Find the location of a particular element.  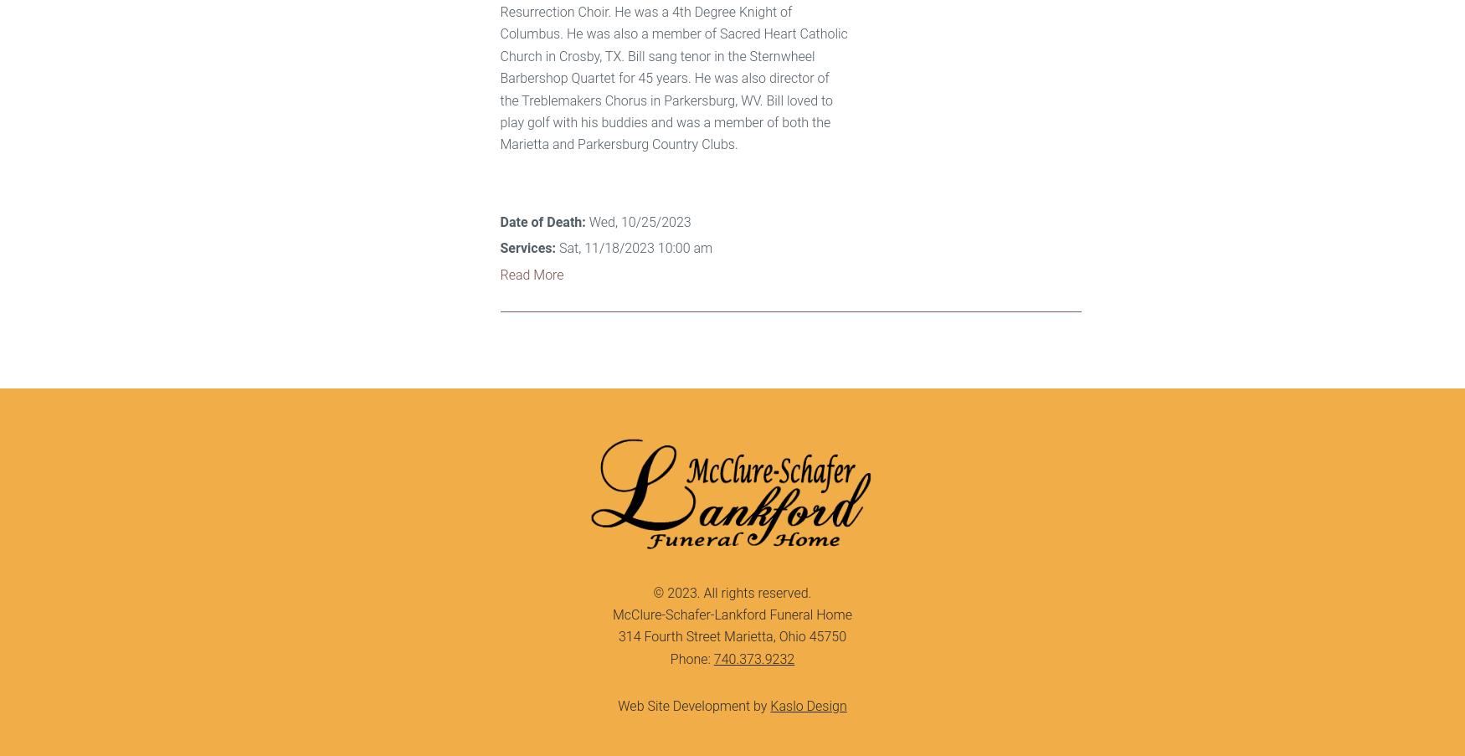

'Services:' is located at coordinates (527, 247).